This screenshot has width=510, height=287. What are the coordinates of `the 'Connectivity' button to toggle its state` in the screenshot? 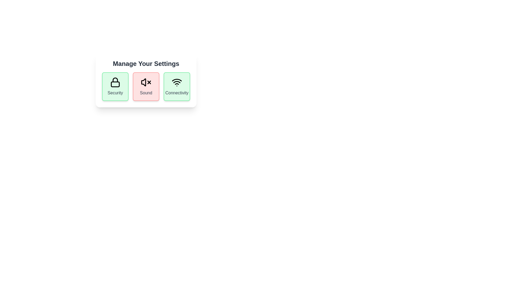 It's located at (177, 86).